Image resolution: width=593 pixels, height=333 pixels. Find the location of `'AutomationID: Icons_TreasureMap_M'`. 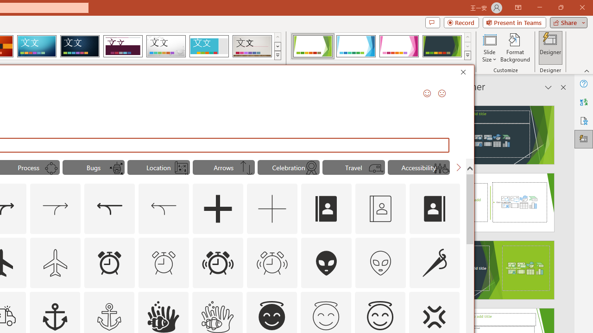

'AutomationID: Icons_TreasureMap_M' is located at coordinates (181, 168).